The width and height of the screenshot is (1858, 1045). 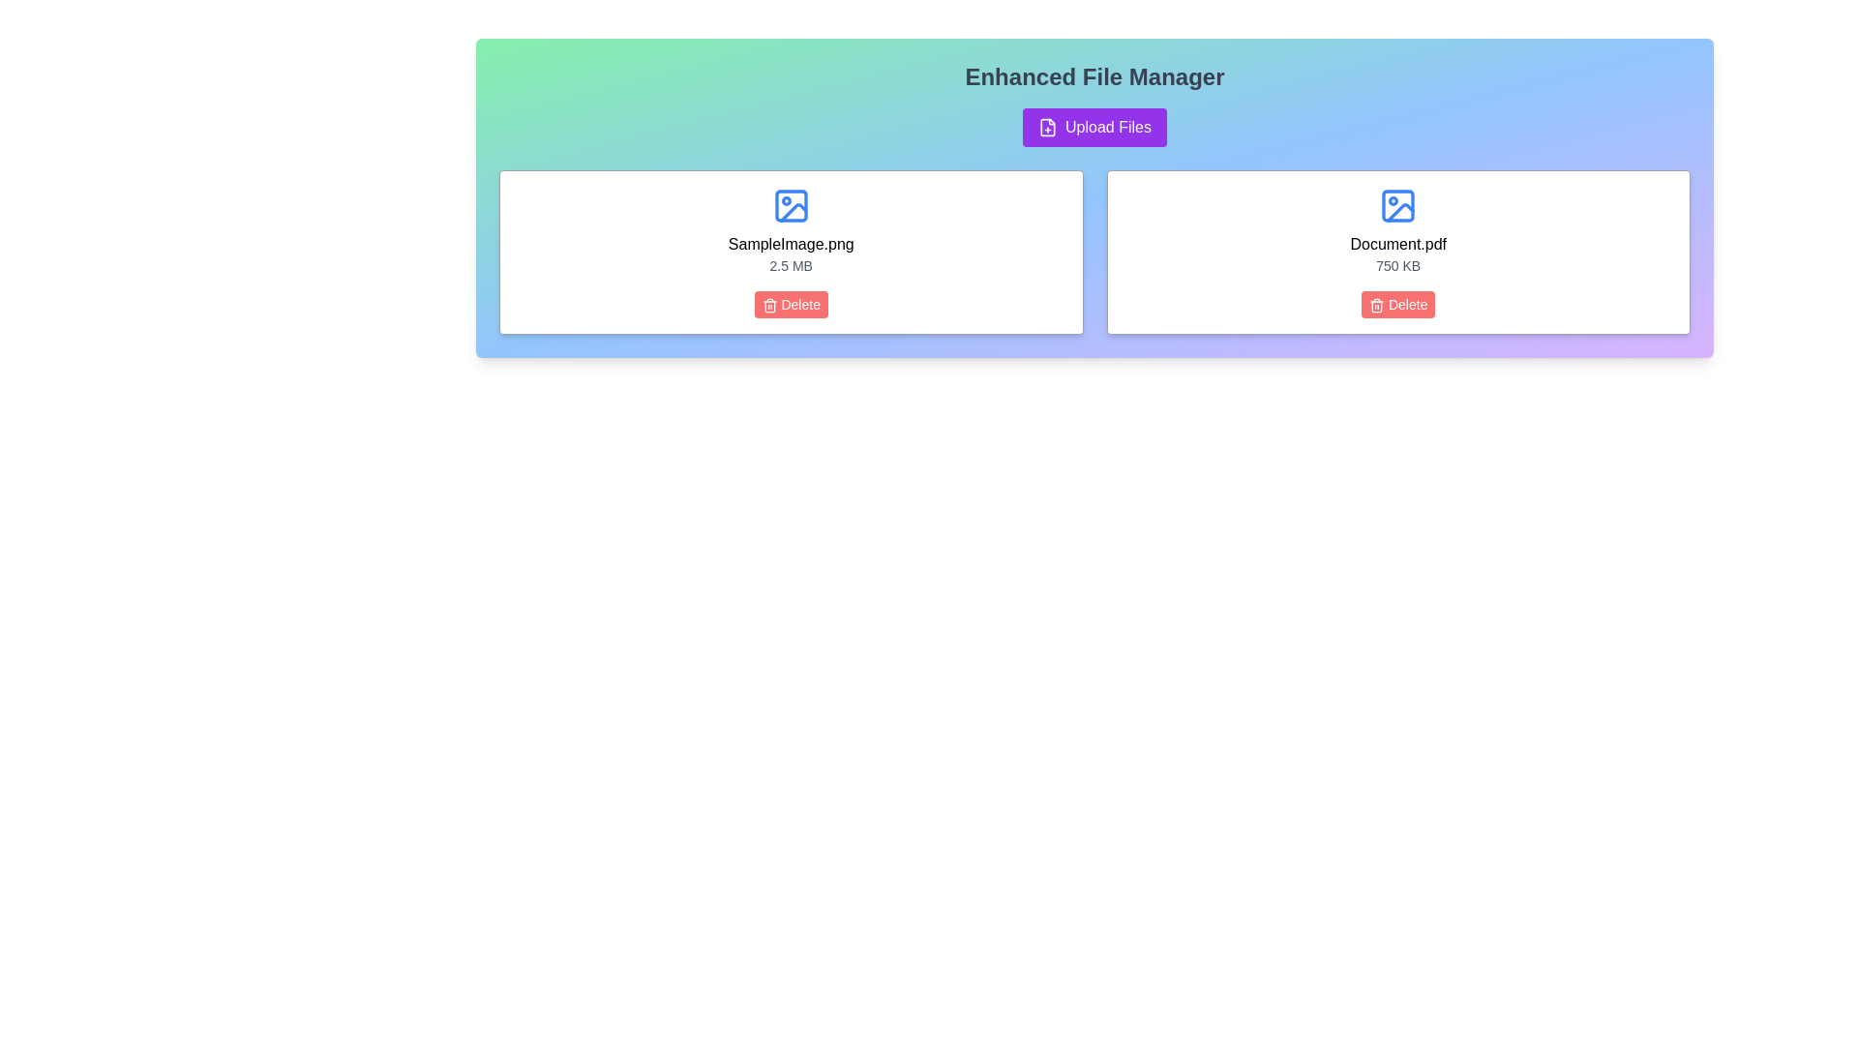 What do you see at coordinates (791, 305) in the screenshot?
I see `the red 'Delete' button with a white trash icon located at the bottom of the card displaying details about 'SampleImage.png'` at bounding box center [791, 305].